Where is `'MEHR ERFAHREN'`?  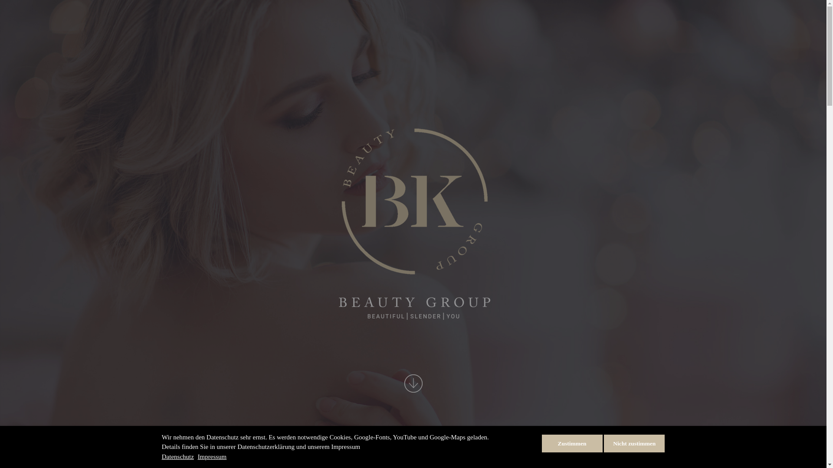
'MEHR ERFAHREN' is located at coordinates (618, 334).